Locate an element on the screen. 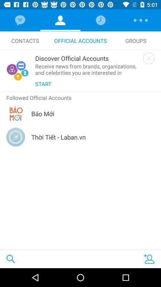  close is located at coordinates (148, 58).